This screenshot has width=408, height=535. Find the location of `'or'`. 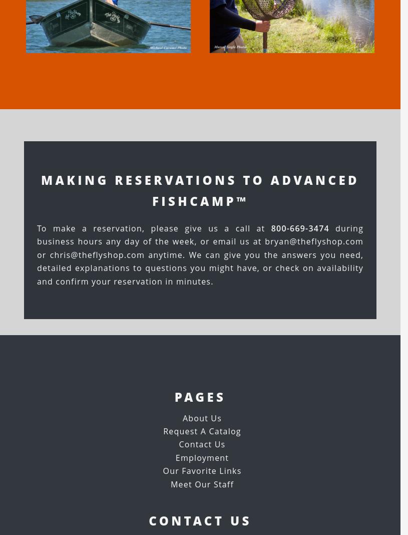

'or' is located at coordinates (42, 254).